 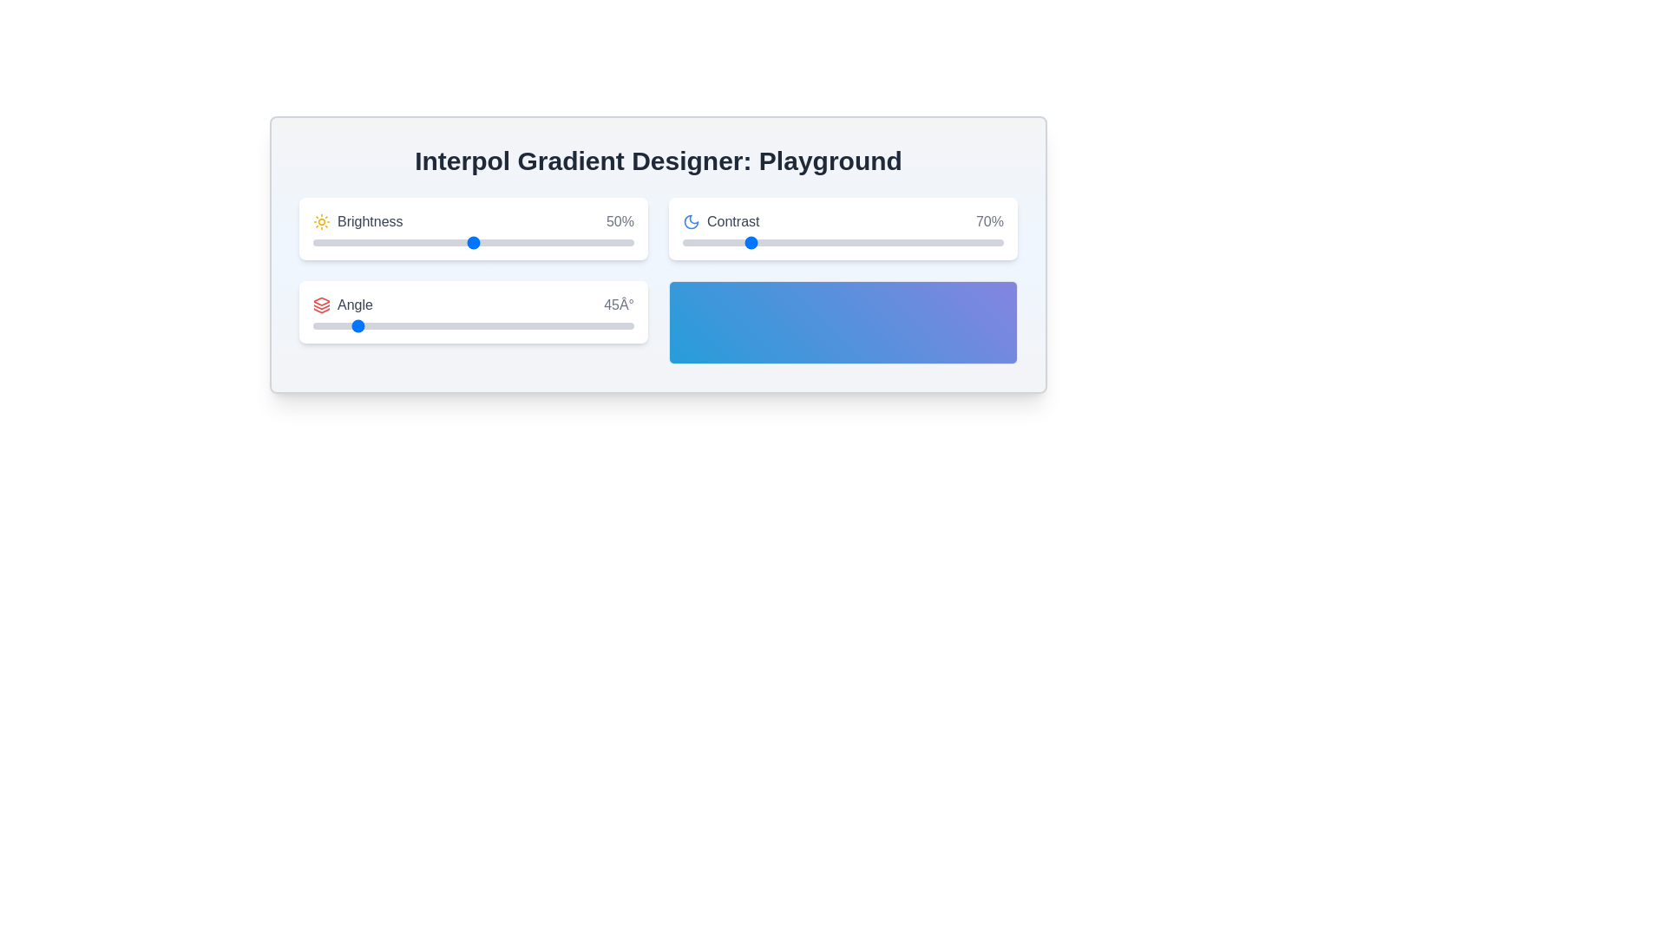 I want to click on the angle slider, so click(x=567, y=325).